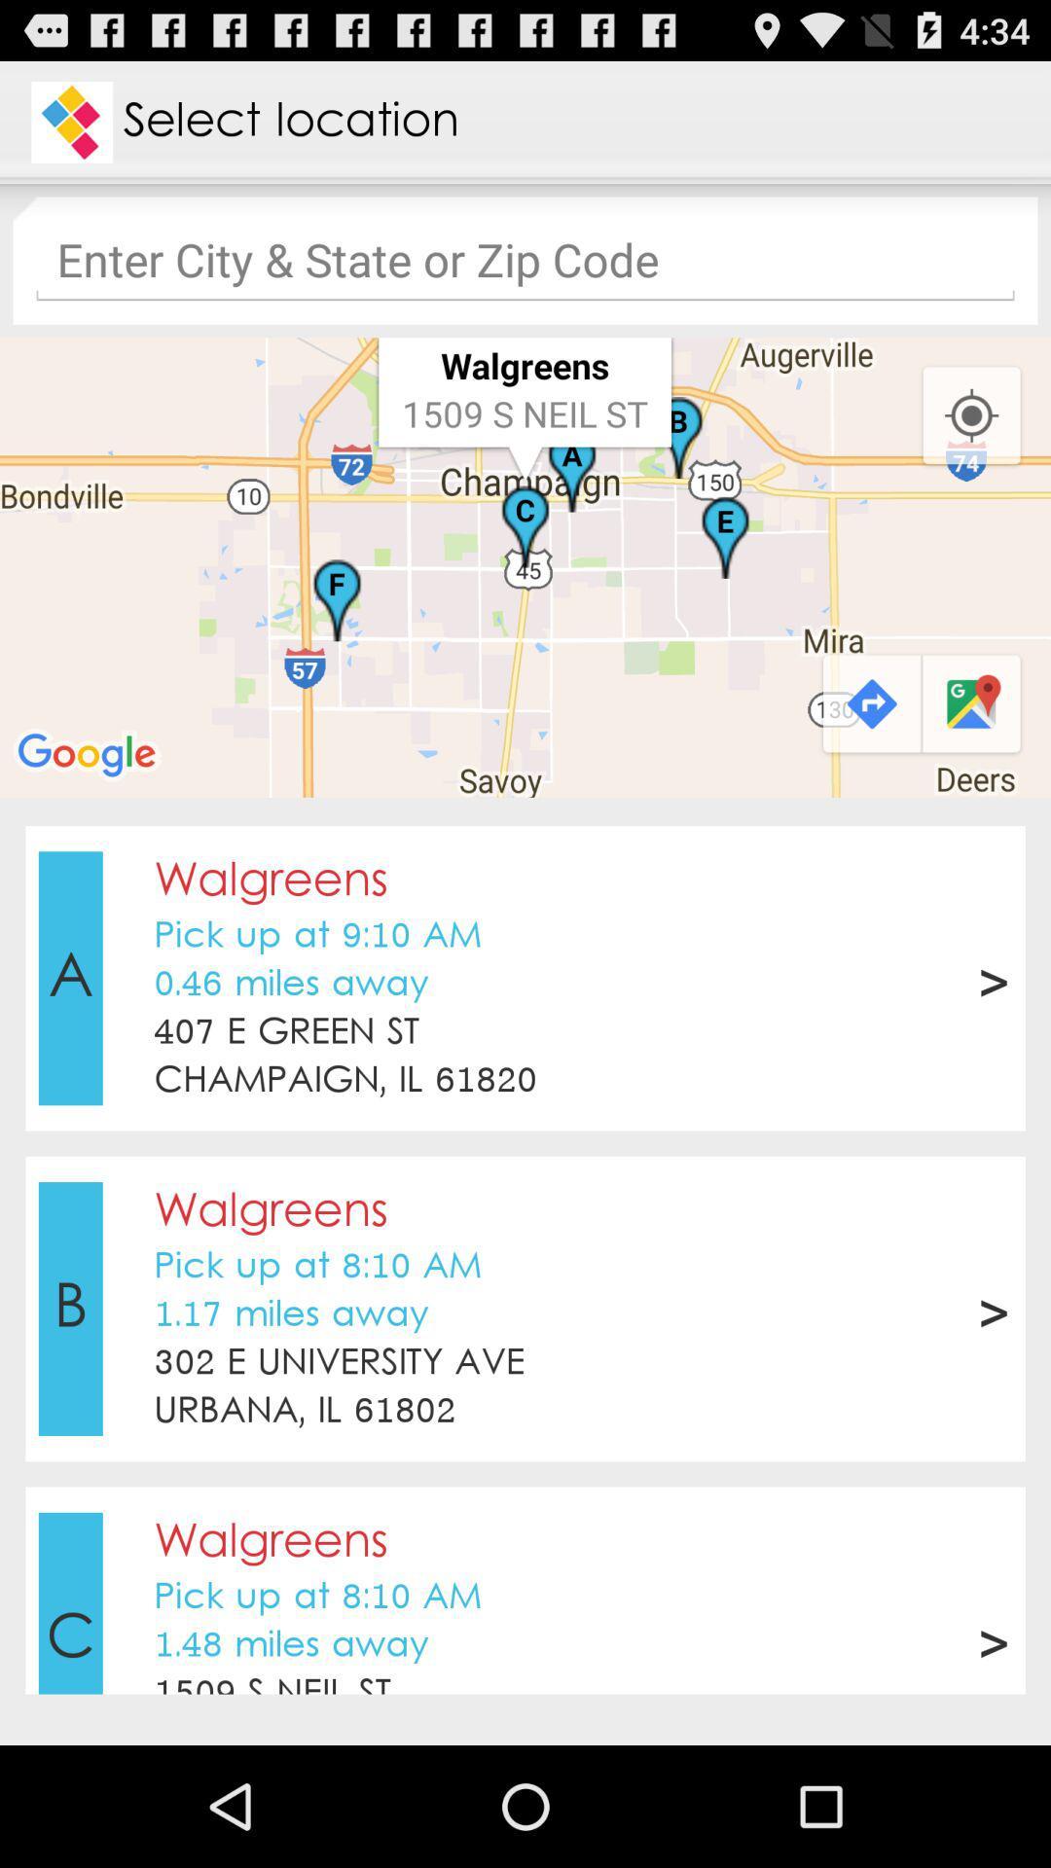 This screenshot has width=1051, height=1868. What do you see at coordinates (69, 1309) in the screenshot?
I see `b` at bounding box center [69, 1309].